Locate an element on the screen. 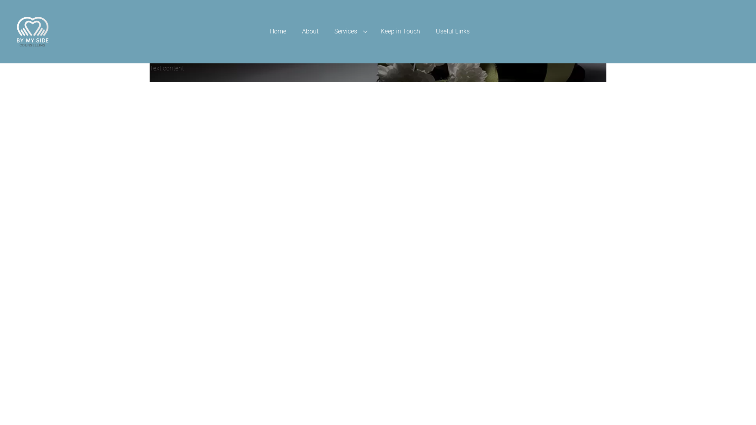 This screenshot has width=756, height=425. 'About' is located at coordinates (294, 31).